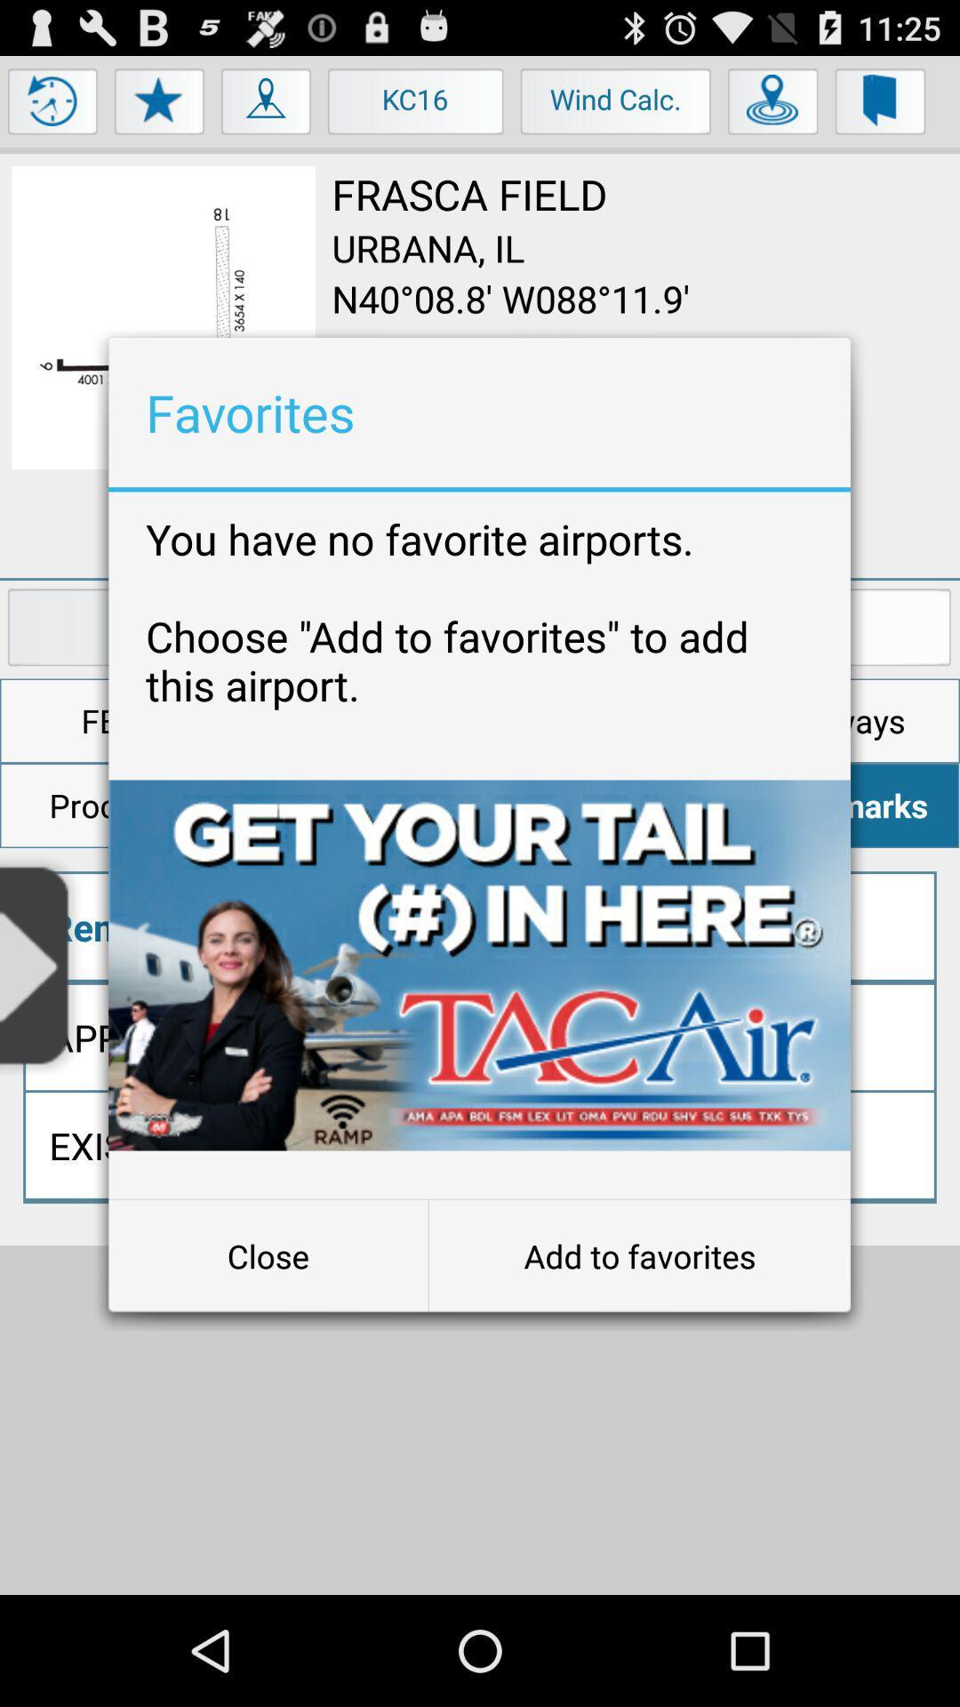 This screenshot has height=1707, width=960. I want to click on icon to the left of the add to favorites, so click(268, 1254).